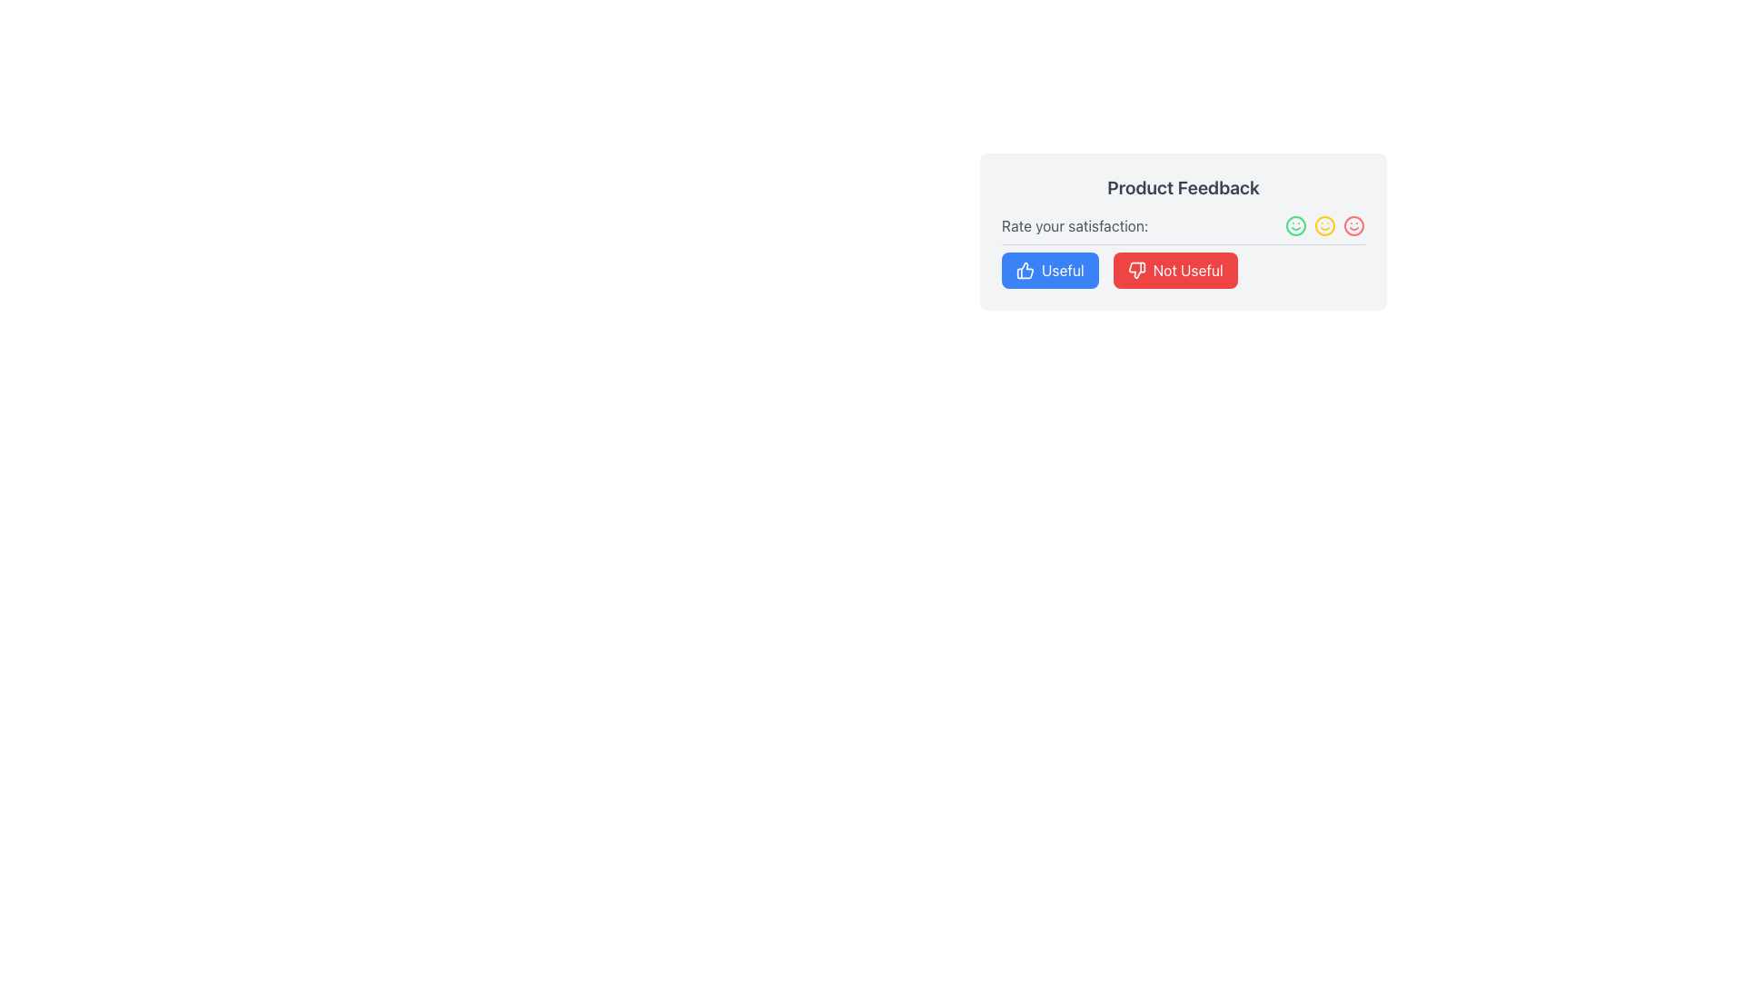 The width and height of the screenshot is (1744, 981). I want to click on the emotive icons in the Rating prompt for context, located below the 'Product Feedback' header and above the 'Useful' and 'Not Useful' buttons, so click(1183, 252).